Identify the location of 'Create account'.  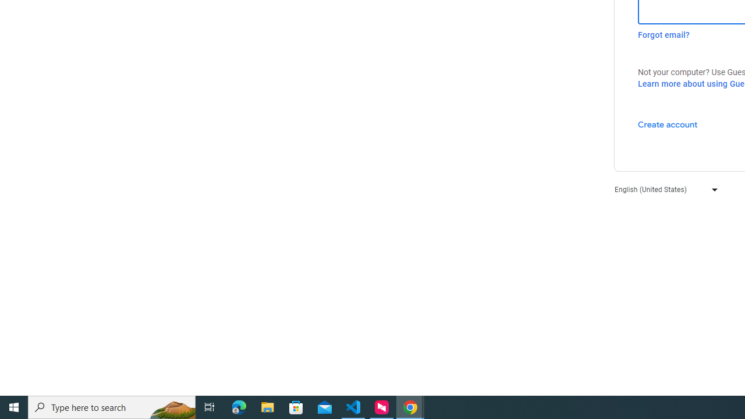
(667, 124).